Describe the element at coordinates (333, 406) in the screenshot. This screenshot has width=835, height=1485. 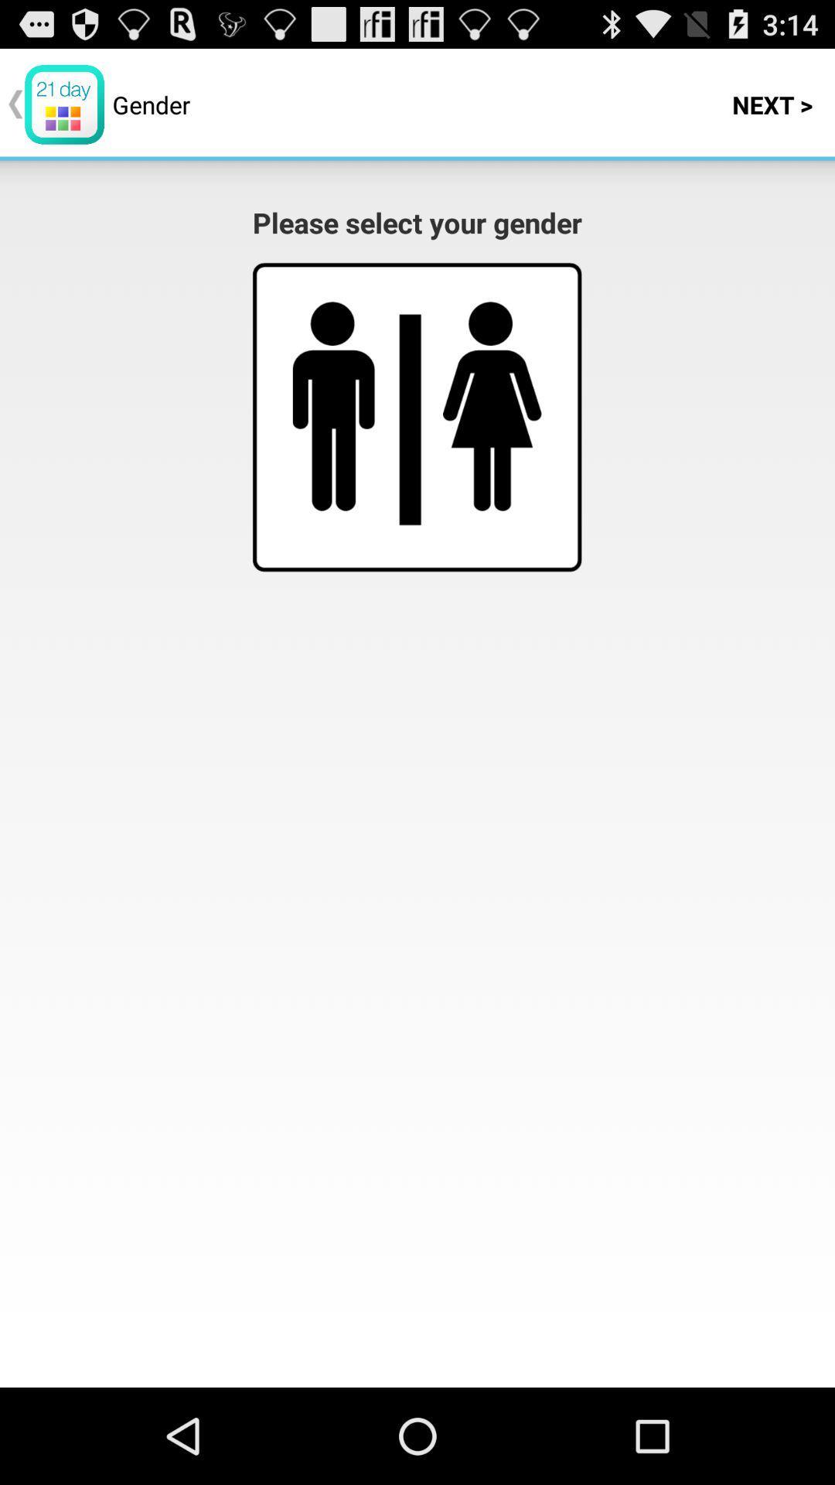
I see `click on left figure` at that location.